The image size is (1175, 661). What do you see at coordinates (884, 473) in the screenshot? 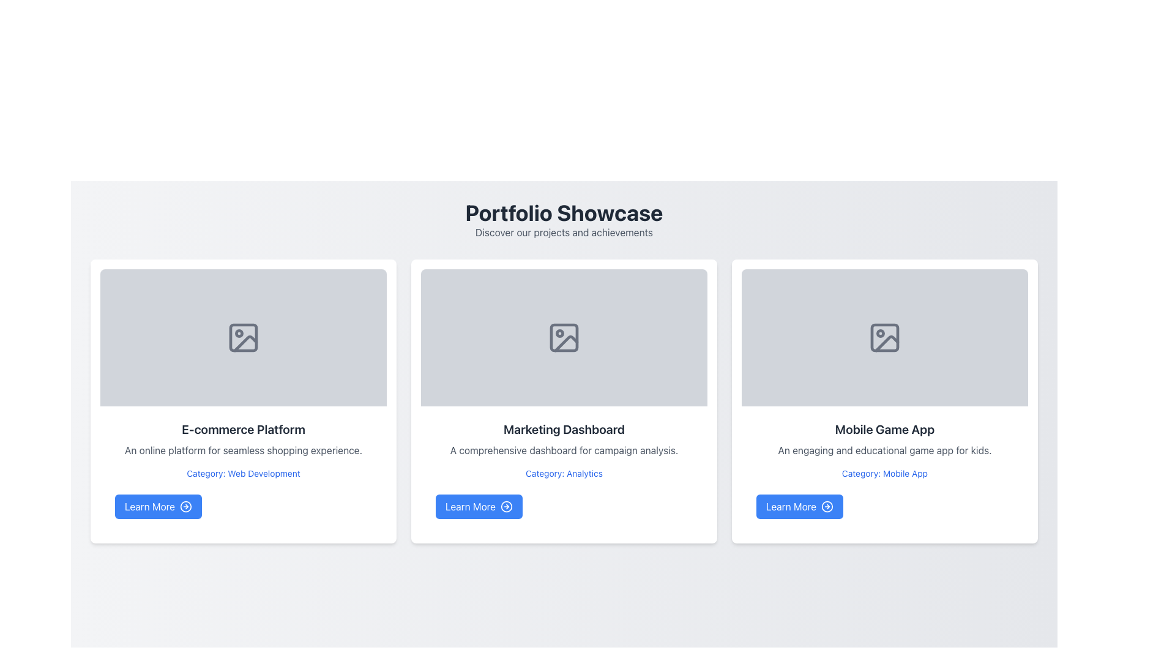
I see `the Text Label element that reads 'Category: Mobile App', which is styled with a small font size and blue color, located in the third column of the layout above the 'Learn More' button` at bounding box center [884, 473].